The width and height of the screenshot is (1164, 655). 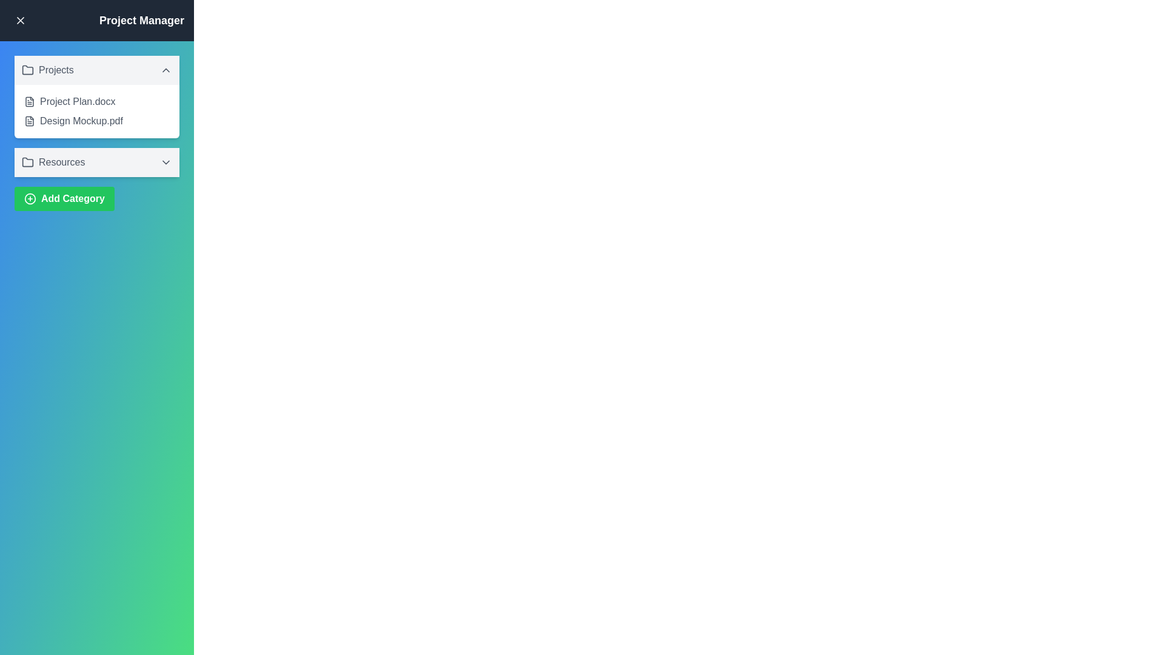 What do you see at coordinates (30, 198) in the screenshot?
I see `the icon within the 'Add Category' button located on the left-hand side of the button's text` at bounding box center [30, 198].